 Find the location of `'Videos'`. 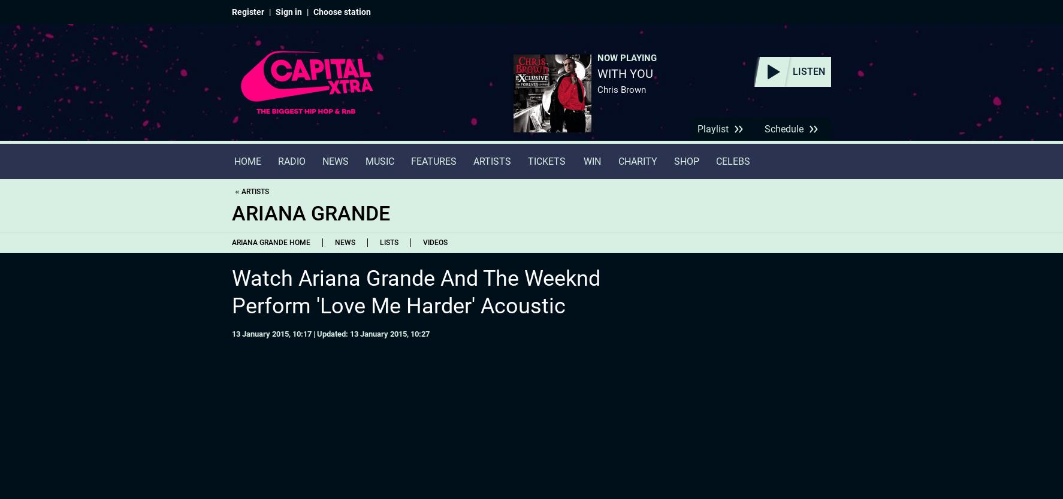

'Videos' is located at coordinates (423, 242).